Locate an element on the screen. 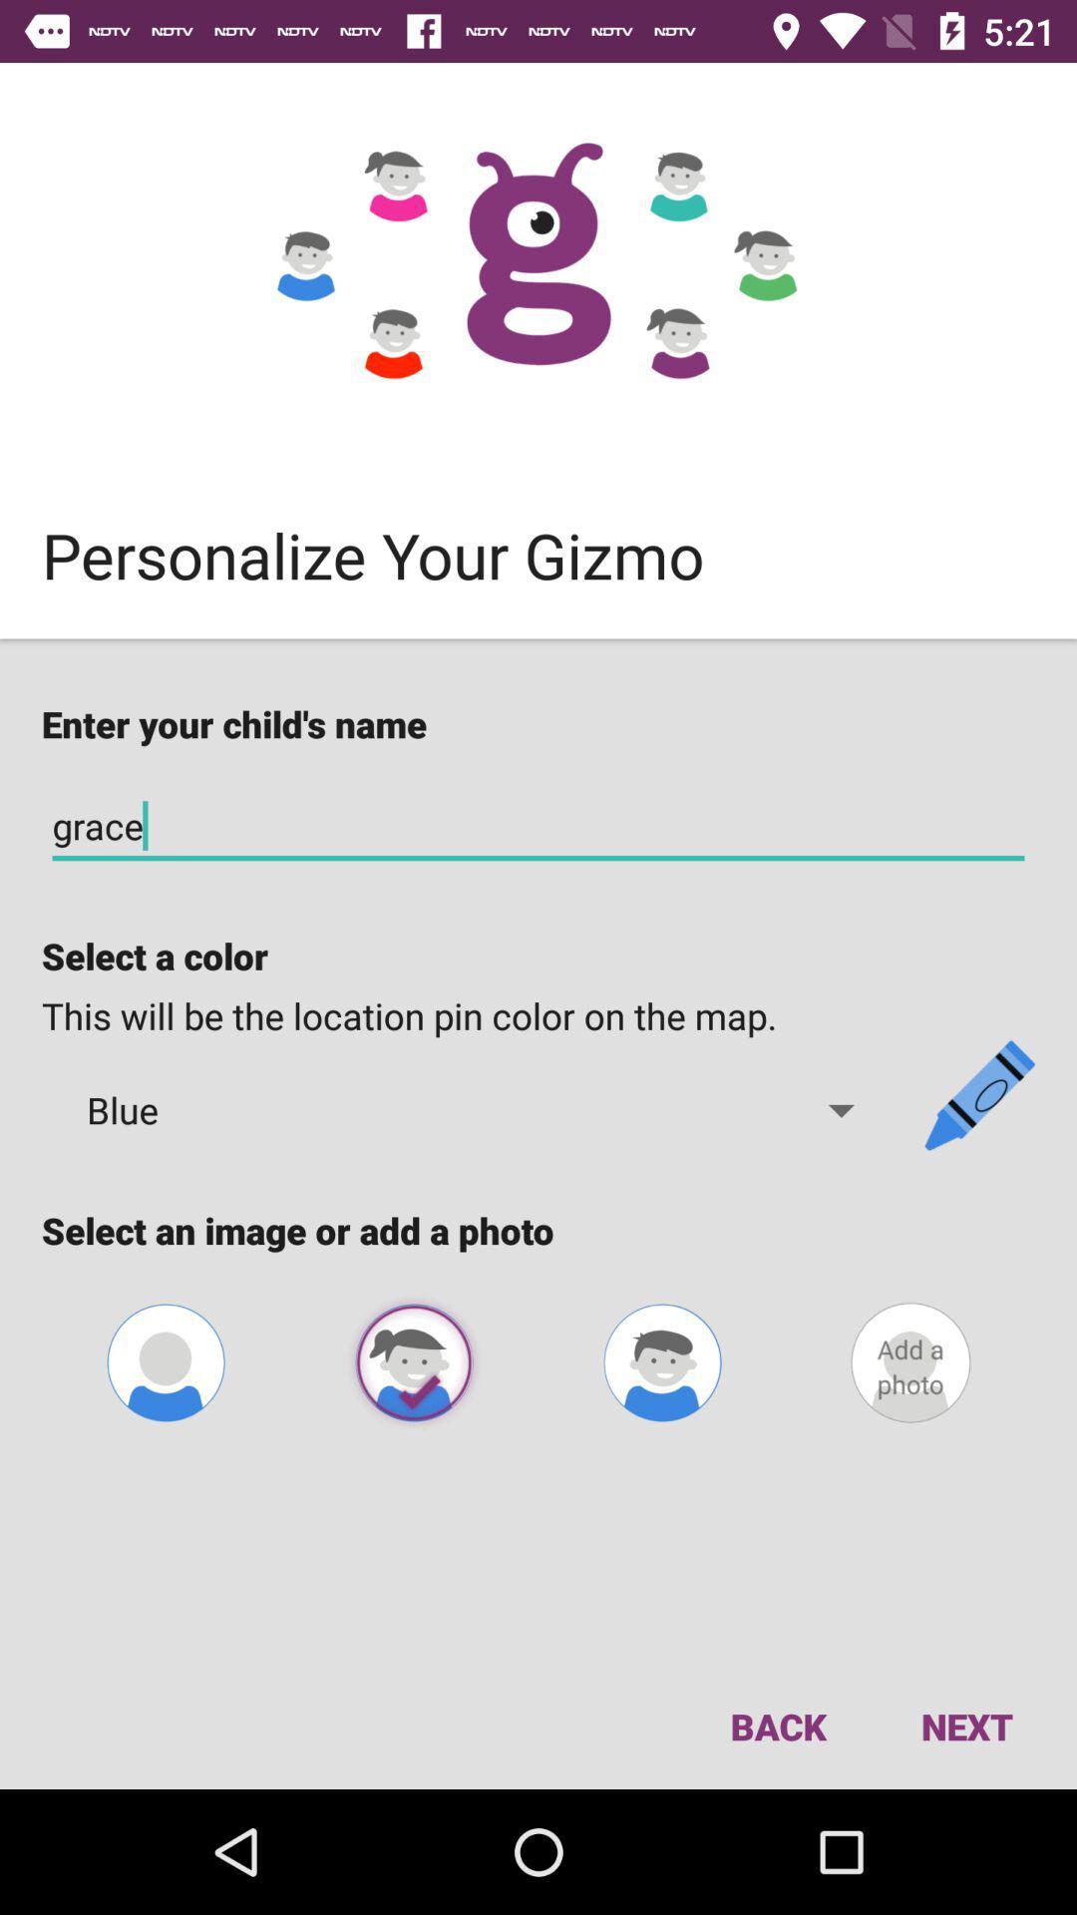  the avatar icon is located at coordinates (165, 1361).